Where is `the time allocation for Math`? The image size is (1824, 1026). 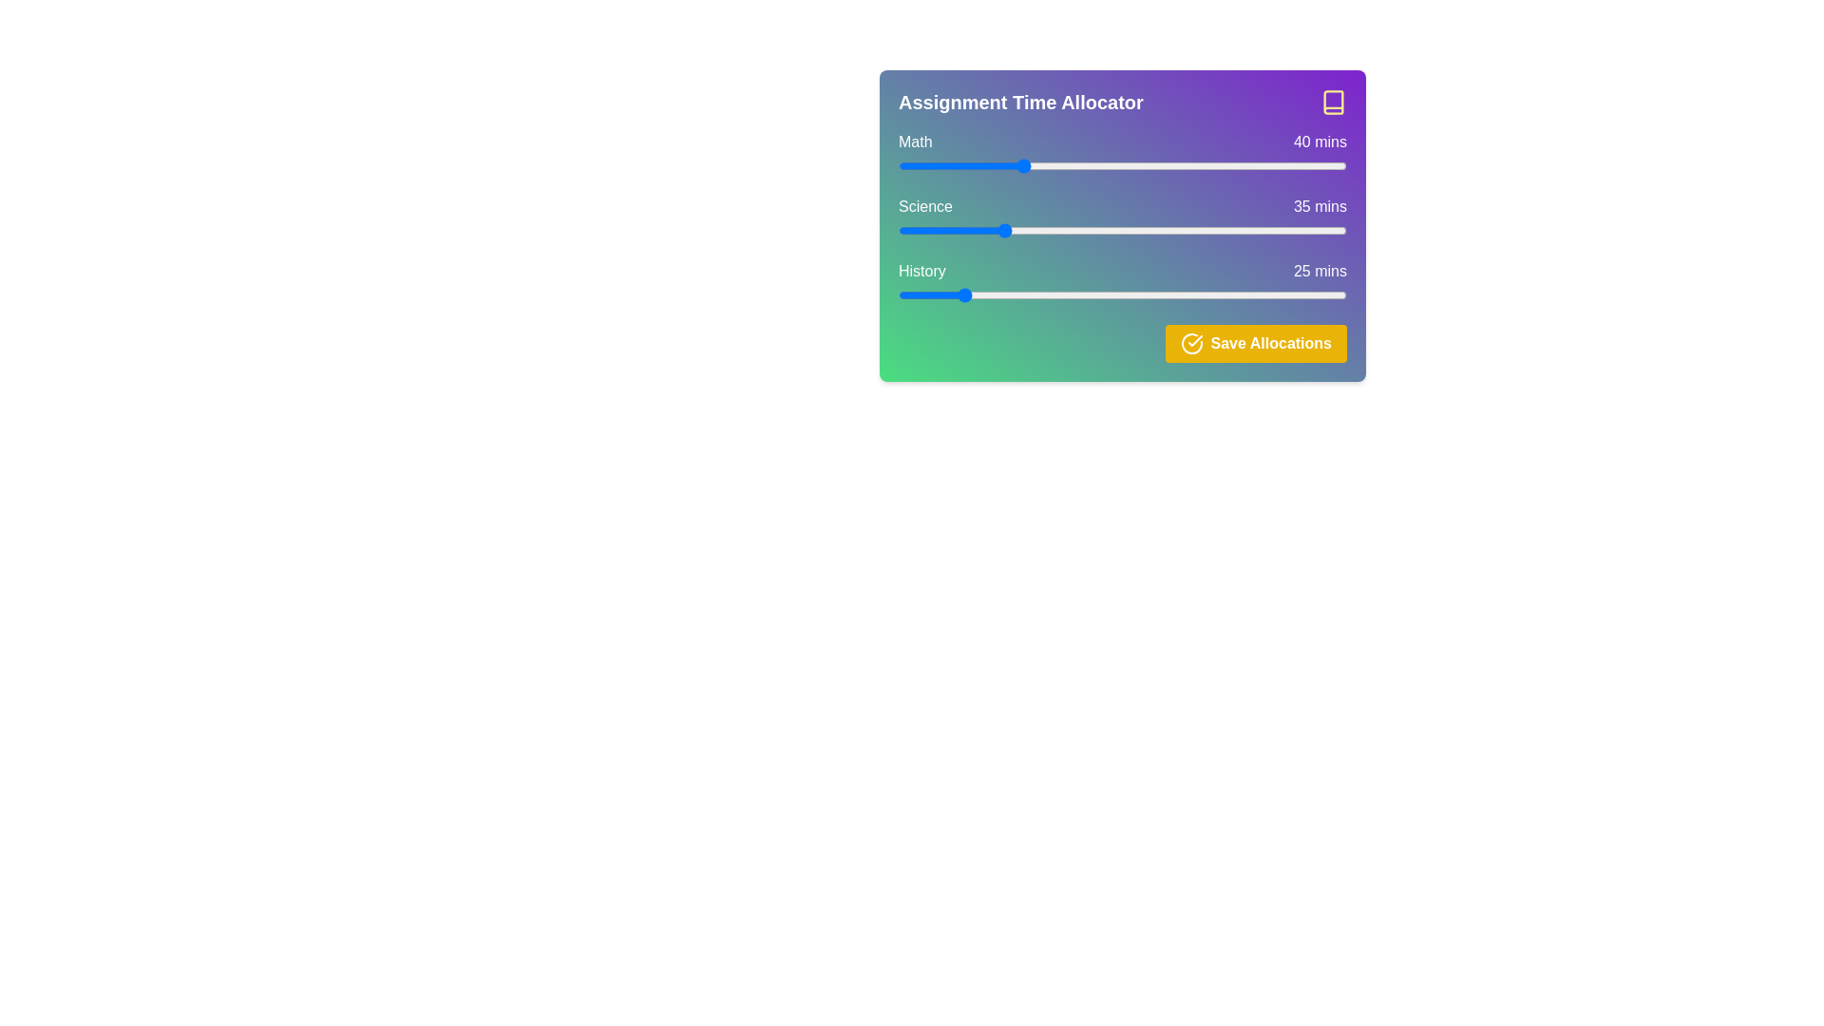
the time allocation for Math is located at coordinates (1114, 164).